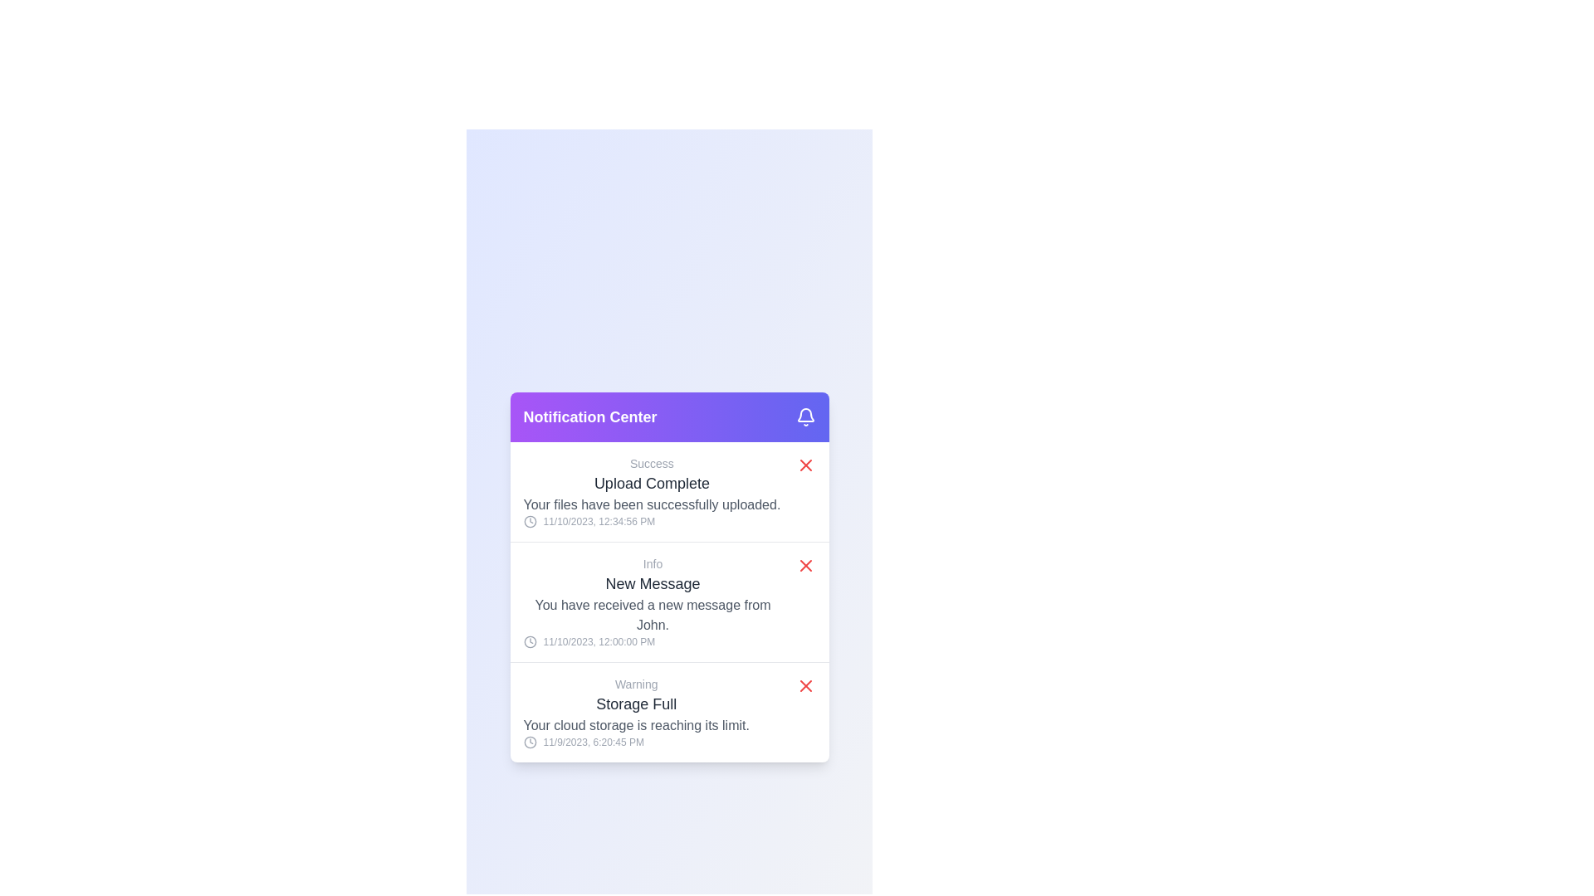 Image resolution: width=1594 pixels, height=896 pixels. I want to click on the 'Warning' text label, which is styled in a small gray font and is positioned at the top of the notification block, directly above the title 'Storage Full', so click(635, 684).